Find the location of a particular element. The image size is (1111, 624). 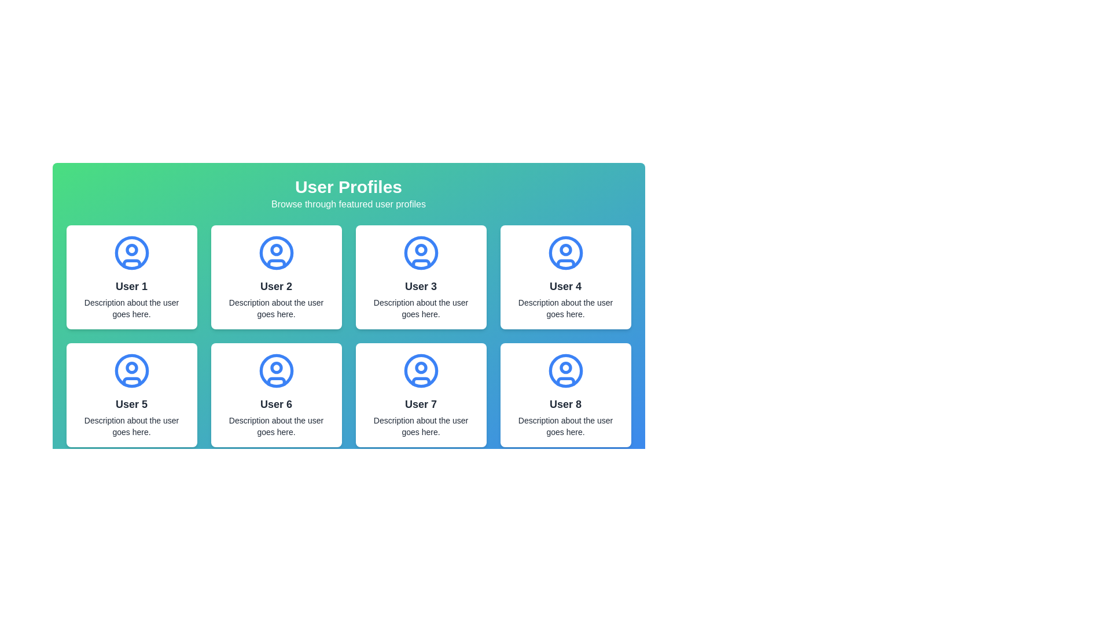

the user profile card displaying a user's identifying information, located in the third row and fourth column of the grid layout, which is the last item in the grid is located at coordinates (565, 394).